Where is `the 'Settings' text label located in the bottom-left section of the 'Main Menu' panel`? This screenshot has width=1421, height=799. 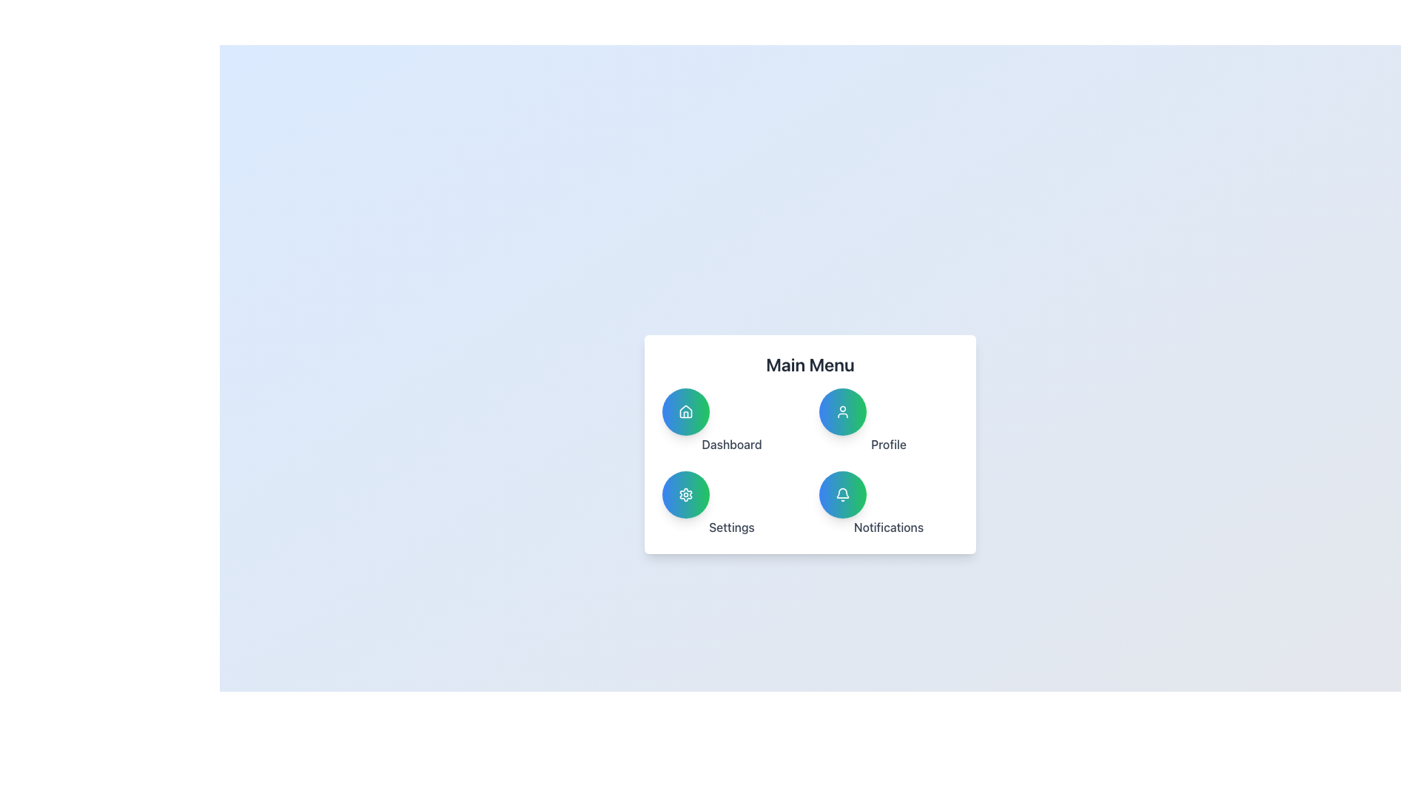
the 'Settings' text label located in the bottom-left section of the 'Main Menu' panel is located at coordinates (731, 527).